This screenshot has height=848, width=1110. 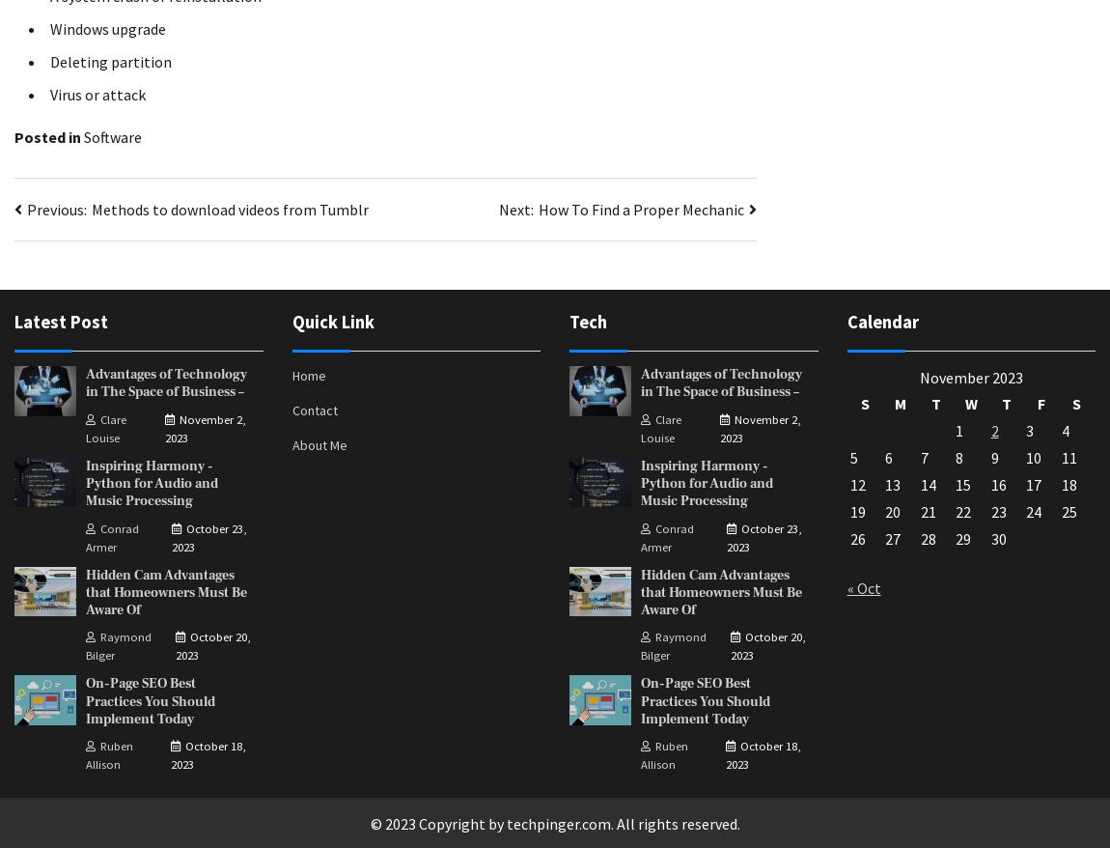 I want to click on '18', so click(x=1068, y=485).